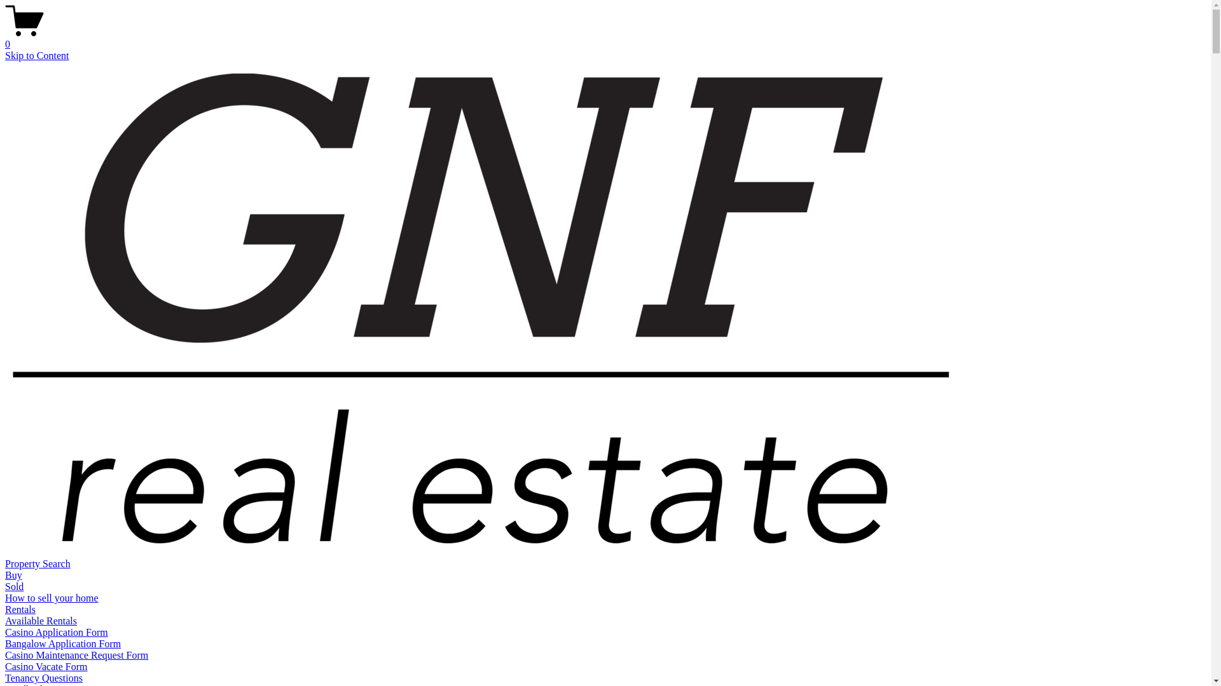 The height and width of the screenshot is (686, 1221). I want to click on 'Casino Application Form', so click(56, 632).